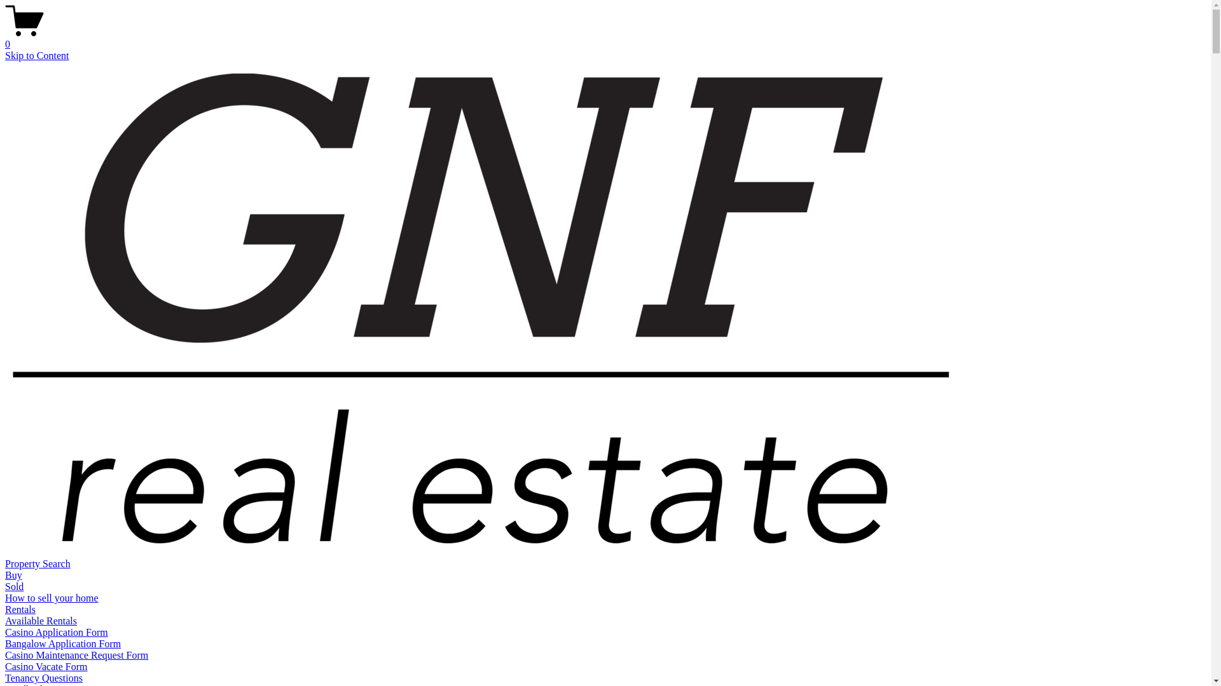 The height and width of the screenshot is (686, 1221). I want to click on 'Casino Application Form', so click(56, 632).